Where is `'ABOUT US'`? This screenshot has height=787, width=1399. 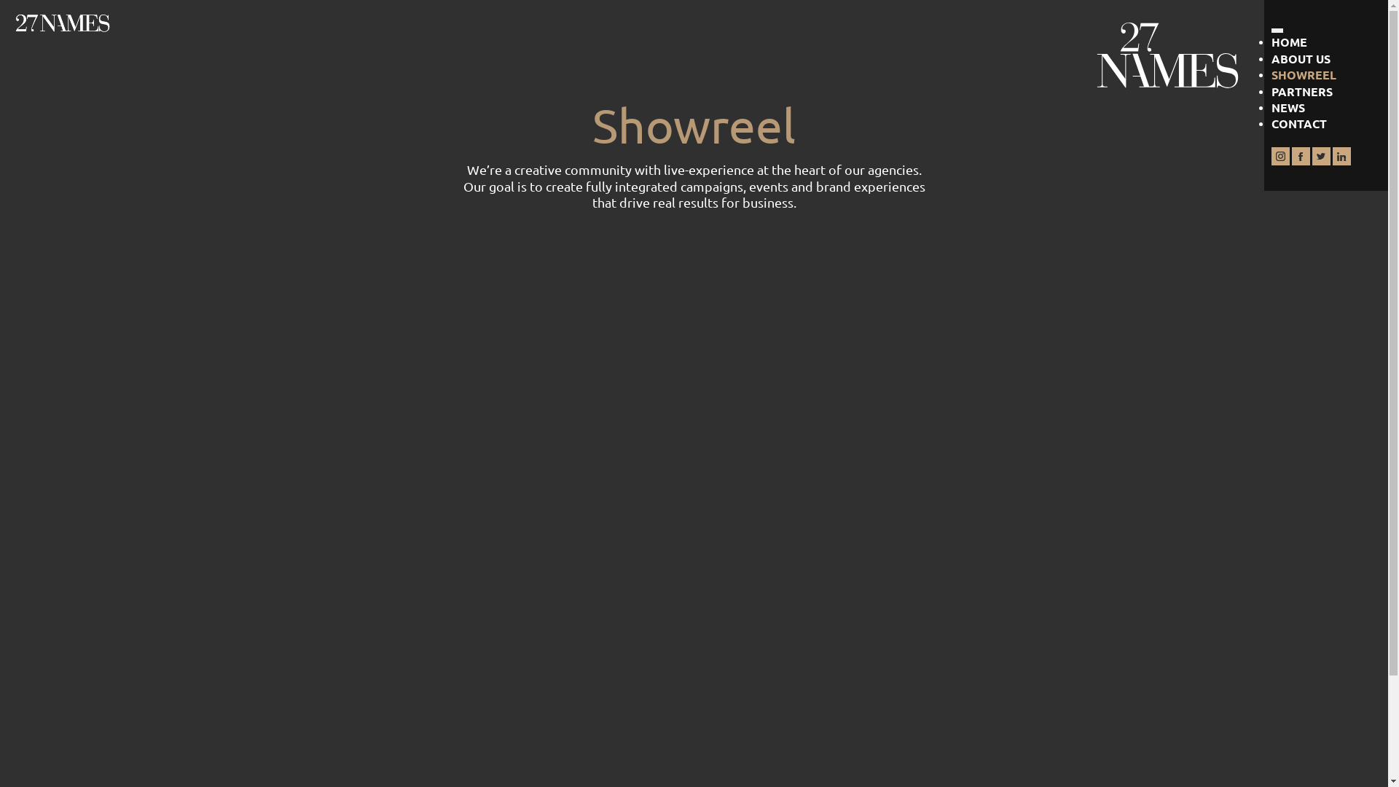 'ABOUT US' is located at coordinates (1301, 58).